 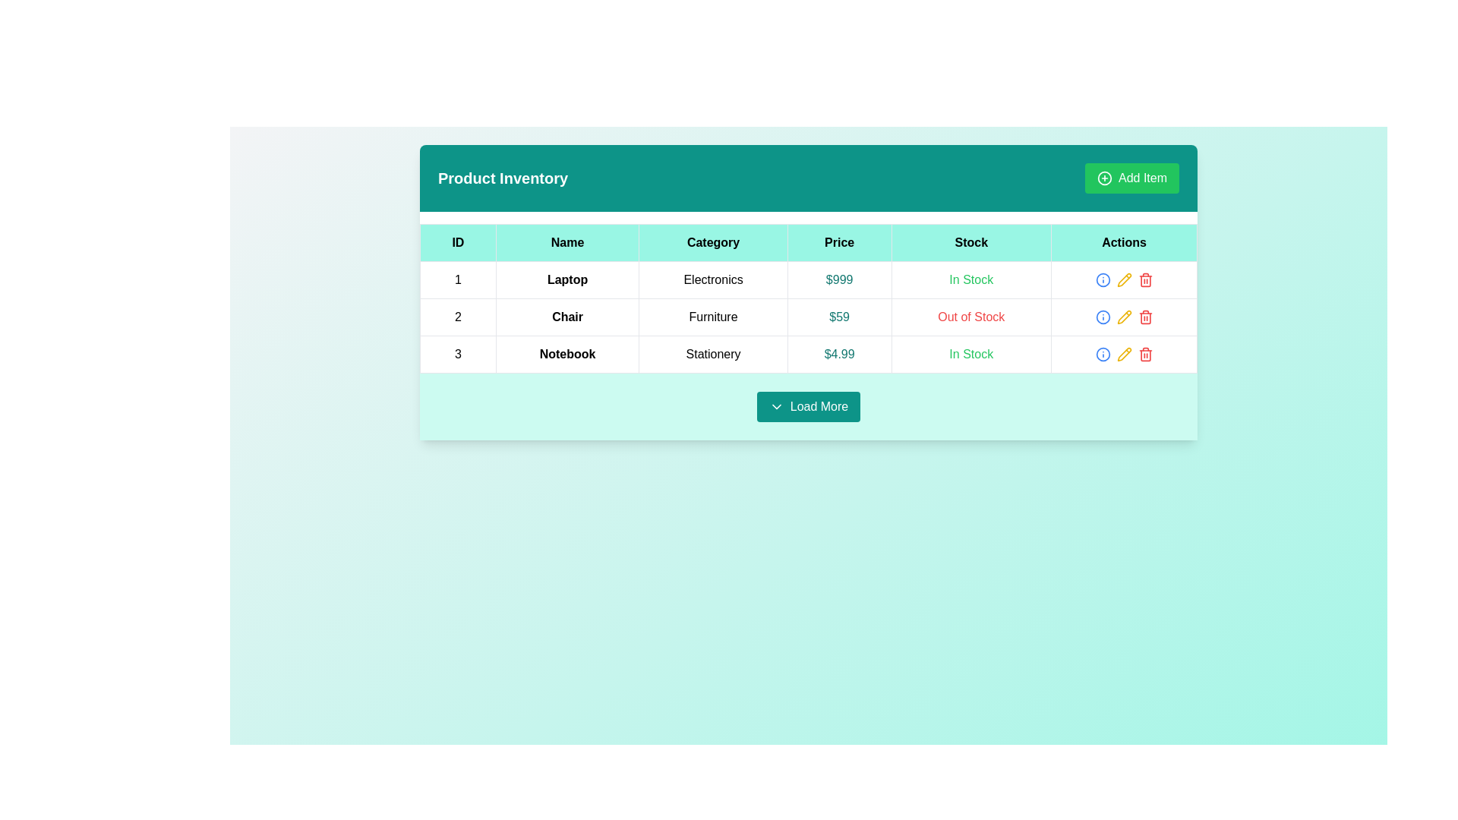 I want to click on the yellow pencil icon in the 'Actions' column of the table for the 'Notebook' item to observe the styling changes, so click(x=1124, y=354).